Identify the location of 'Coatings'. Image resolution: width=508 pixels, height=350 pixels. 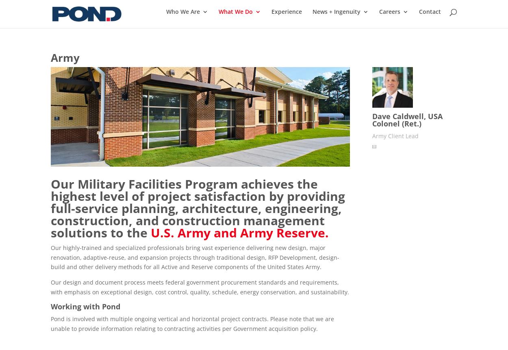
(344, 129).